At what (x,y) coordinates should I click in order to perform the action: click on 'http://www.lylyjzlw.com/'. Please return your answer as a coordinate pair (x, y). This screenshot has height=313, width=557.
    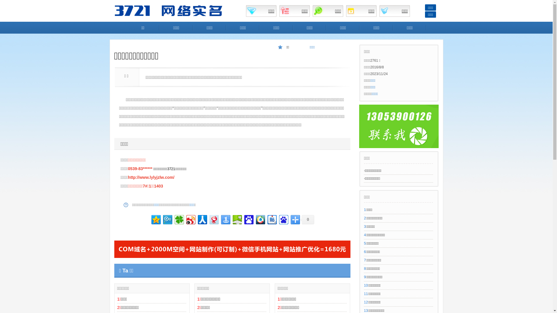
    Looking at the image, I should click on (151, 177).